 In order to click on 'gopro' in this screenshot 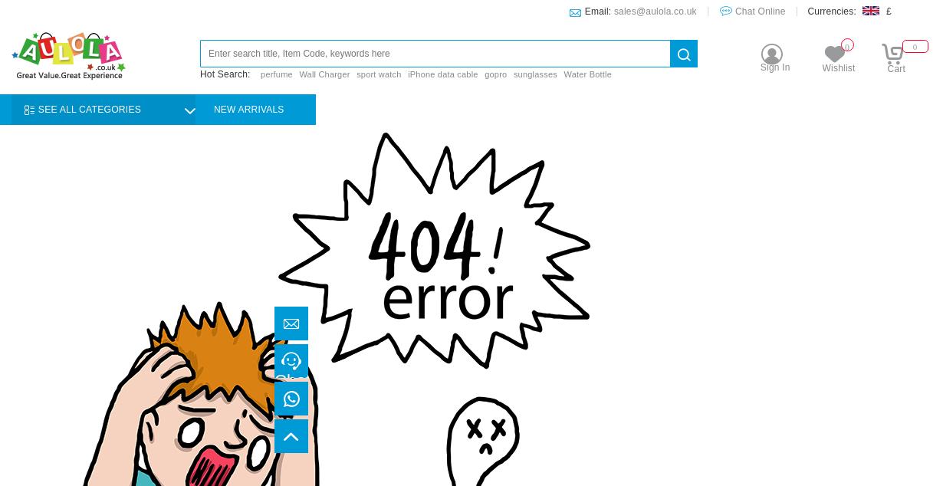, I will do `click(495, 74)`.